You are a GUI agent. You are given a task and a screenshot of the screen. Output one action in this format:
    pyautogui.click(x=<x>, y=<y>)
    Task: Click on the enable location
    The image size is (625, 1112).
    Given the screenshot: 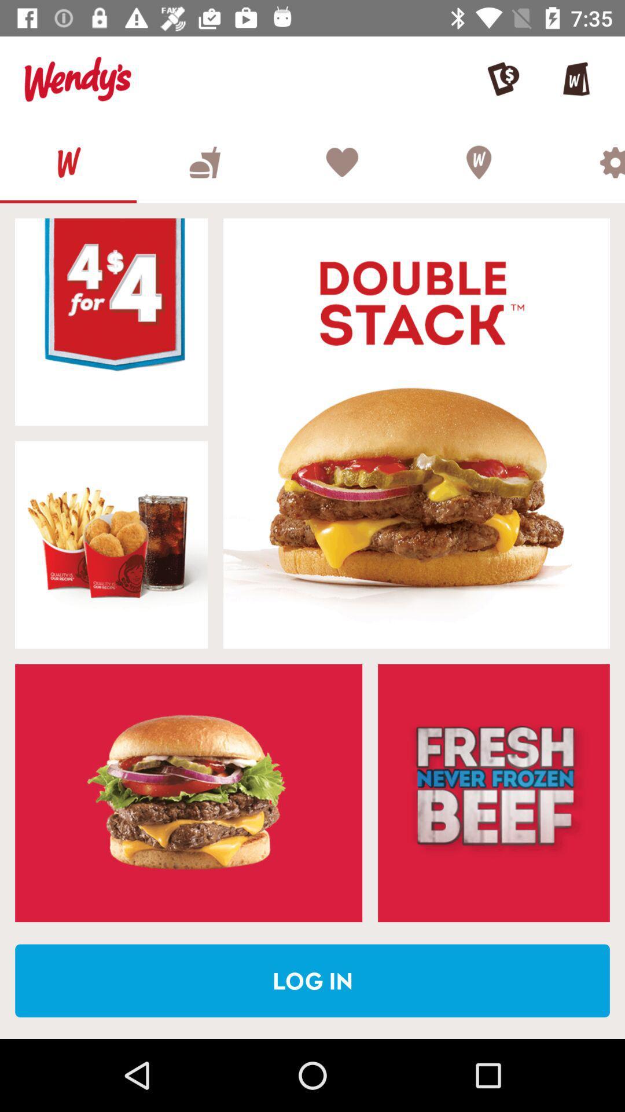 What is the action you would take?
    pyautogui.click(x=478, y=162)
    